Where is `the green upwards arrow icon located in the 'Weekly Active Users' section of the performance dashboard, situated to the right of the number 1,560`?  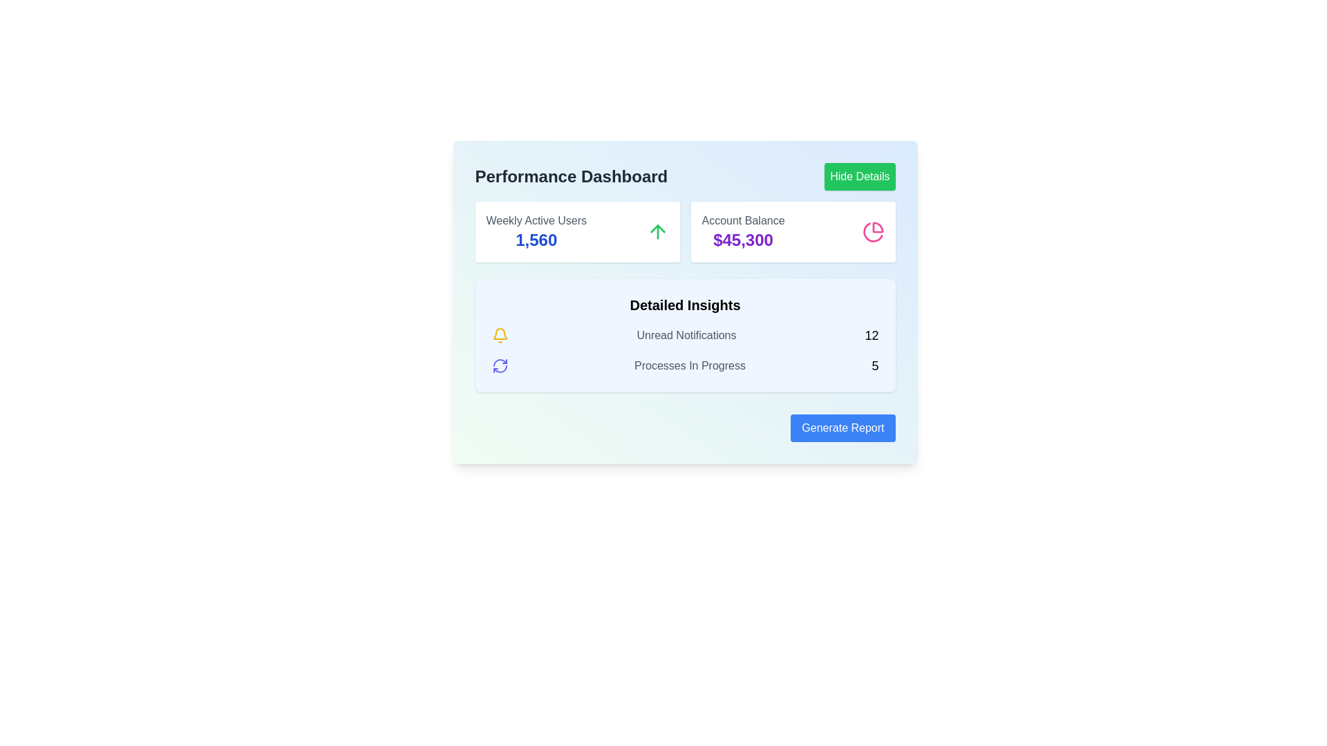
the green upwards arrow icon located in the 'Weekly Active Users' section of the performance dashboard, situated to the right of the number 1,560 is located at coordinates (657, 231).